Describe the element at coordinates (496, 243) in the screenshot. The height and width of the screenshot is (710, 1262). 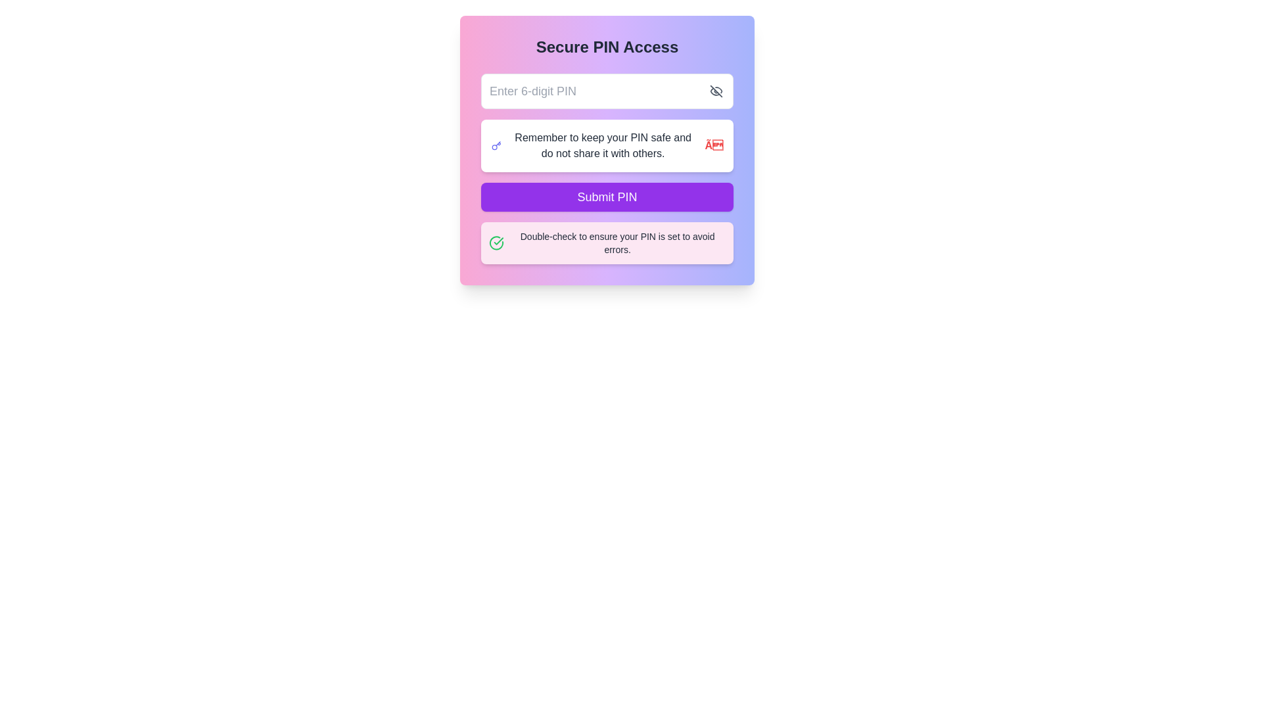
I see `the success confirmation icon located to the left of the message 'Double-check to ensure your PIN is set to avoid errors.' in the message panel at the bottom center of the card interface` at that location.